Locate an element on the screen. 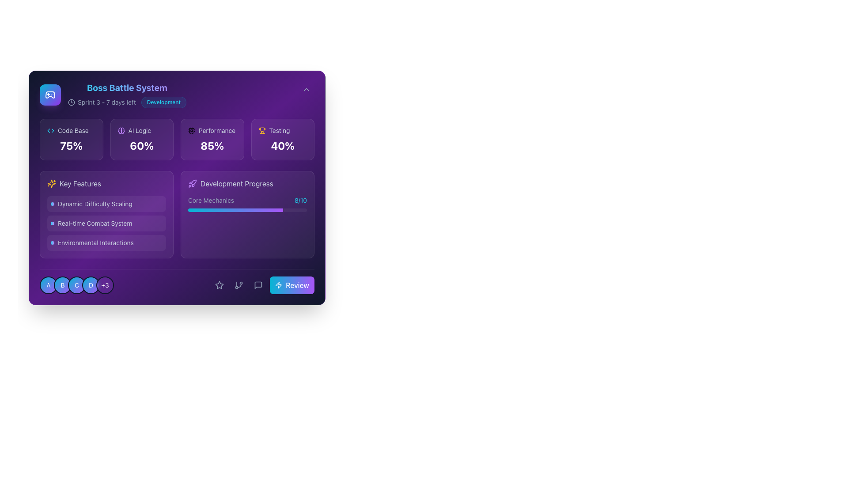 The width and height of the screenshot is (848, 477). the displayed value of the progress percentage for the 'AI Logic' category, located within the card structure beneath its title is located at coordinates (142, 145).